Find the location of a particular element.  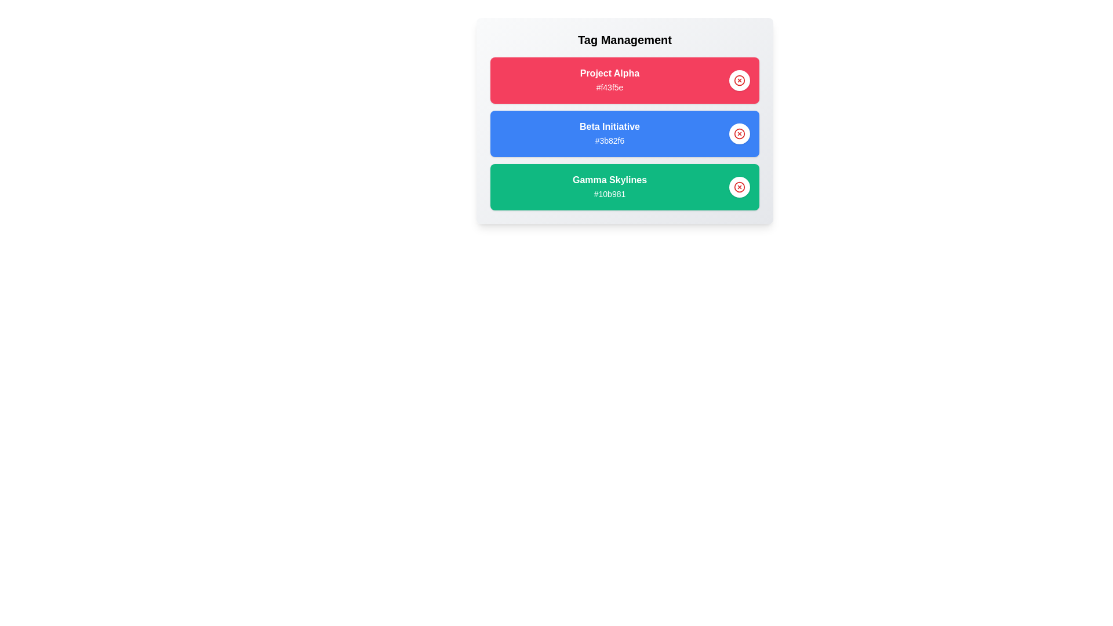

delete button for the tag identified by Gamma Skylines is located at coordinates (739, 187).